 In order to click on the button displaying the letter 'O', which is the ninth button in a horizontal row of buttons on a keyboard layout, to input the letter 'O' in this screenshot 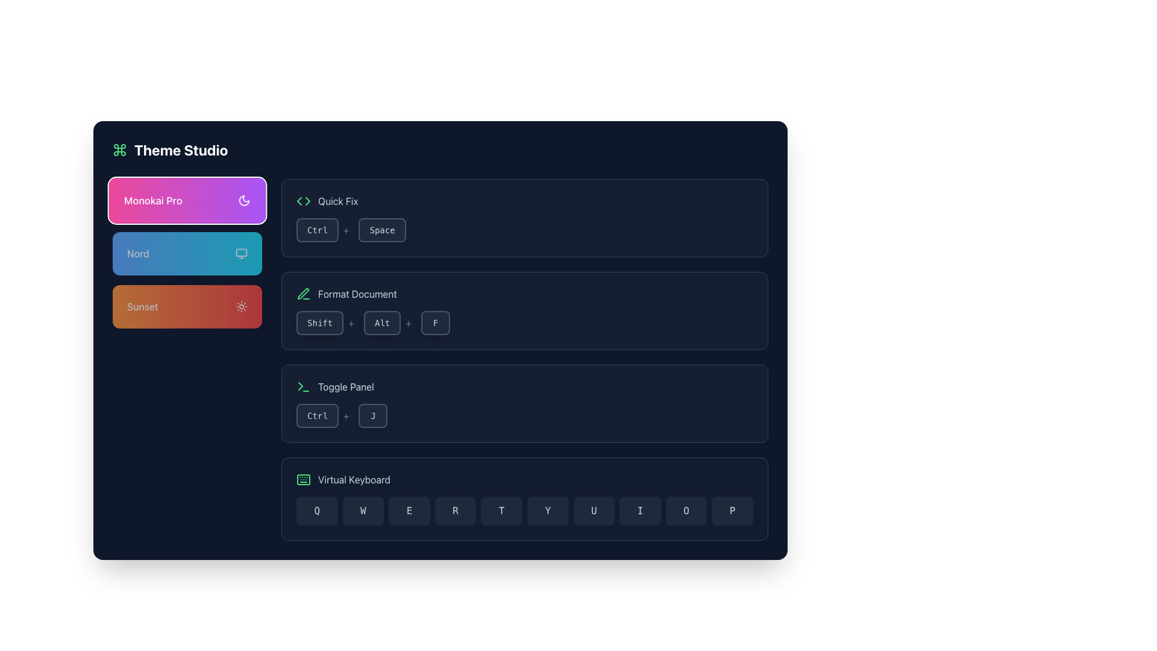, I will do `click(686, 511)`.